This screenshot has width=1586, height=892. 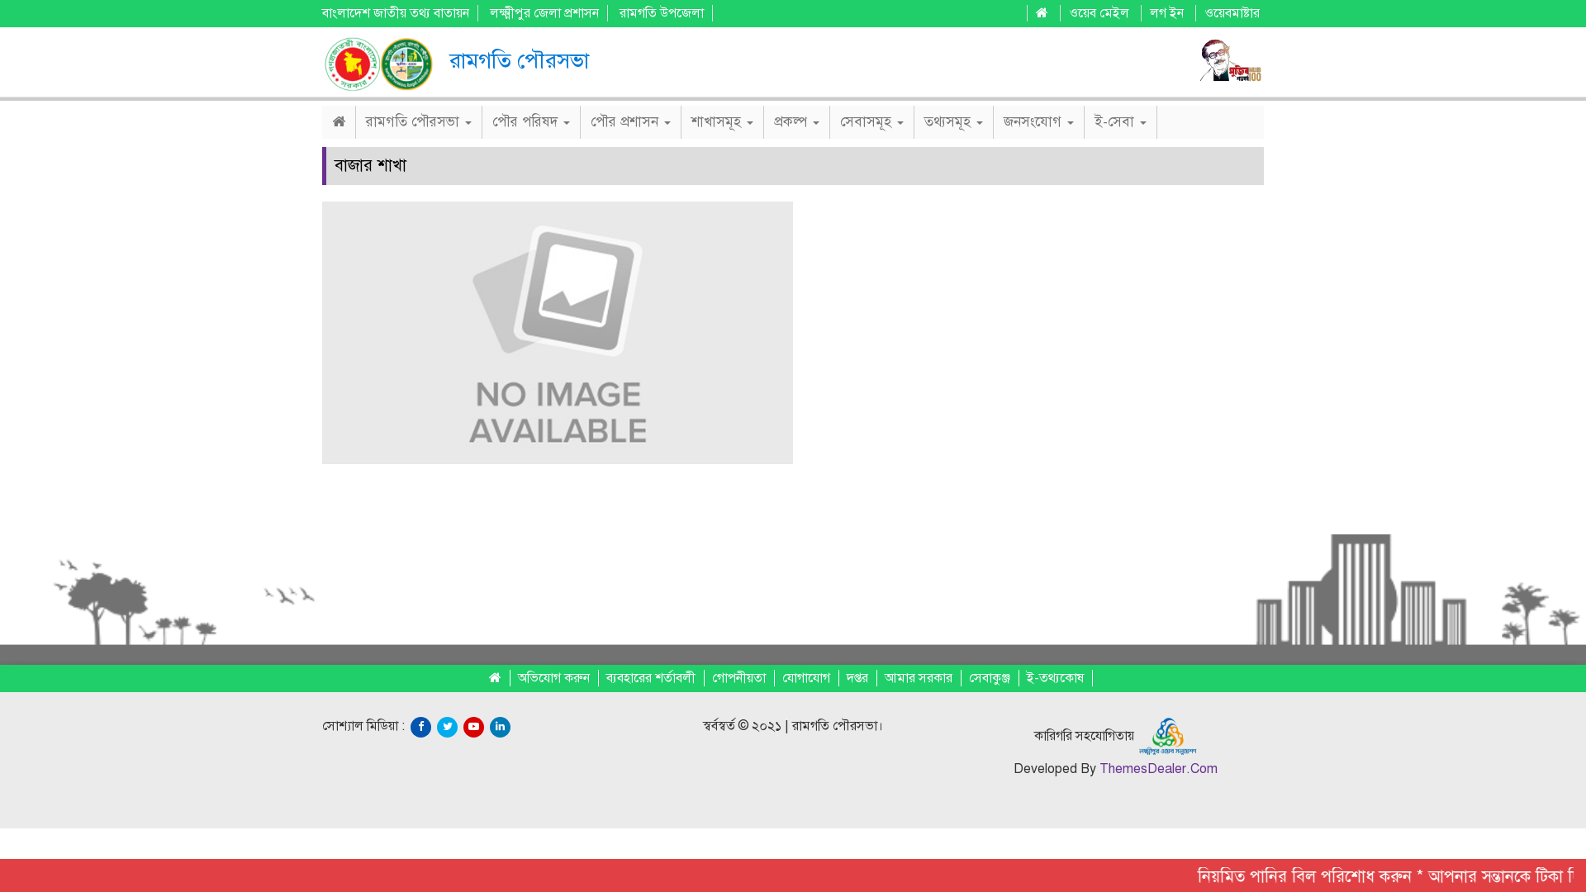 I want to click on 'ThemesDealer.Com', so click(x=1156, y=768).